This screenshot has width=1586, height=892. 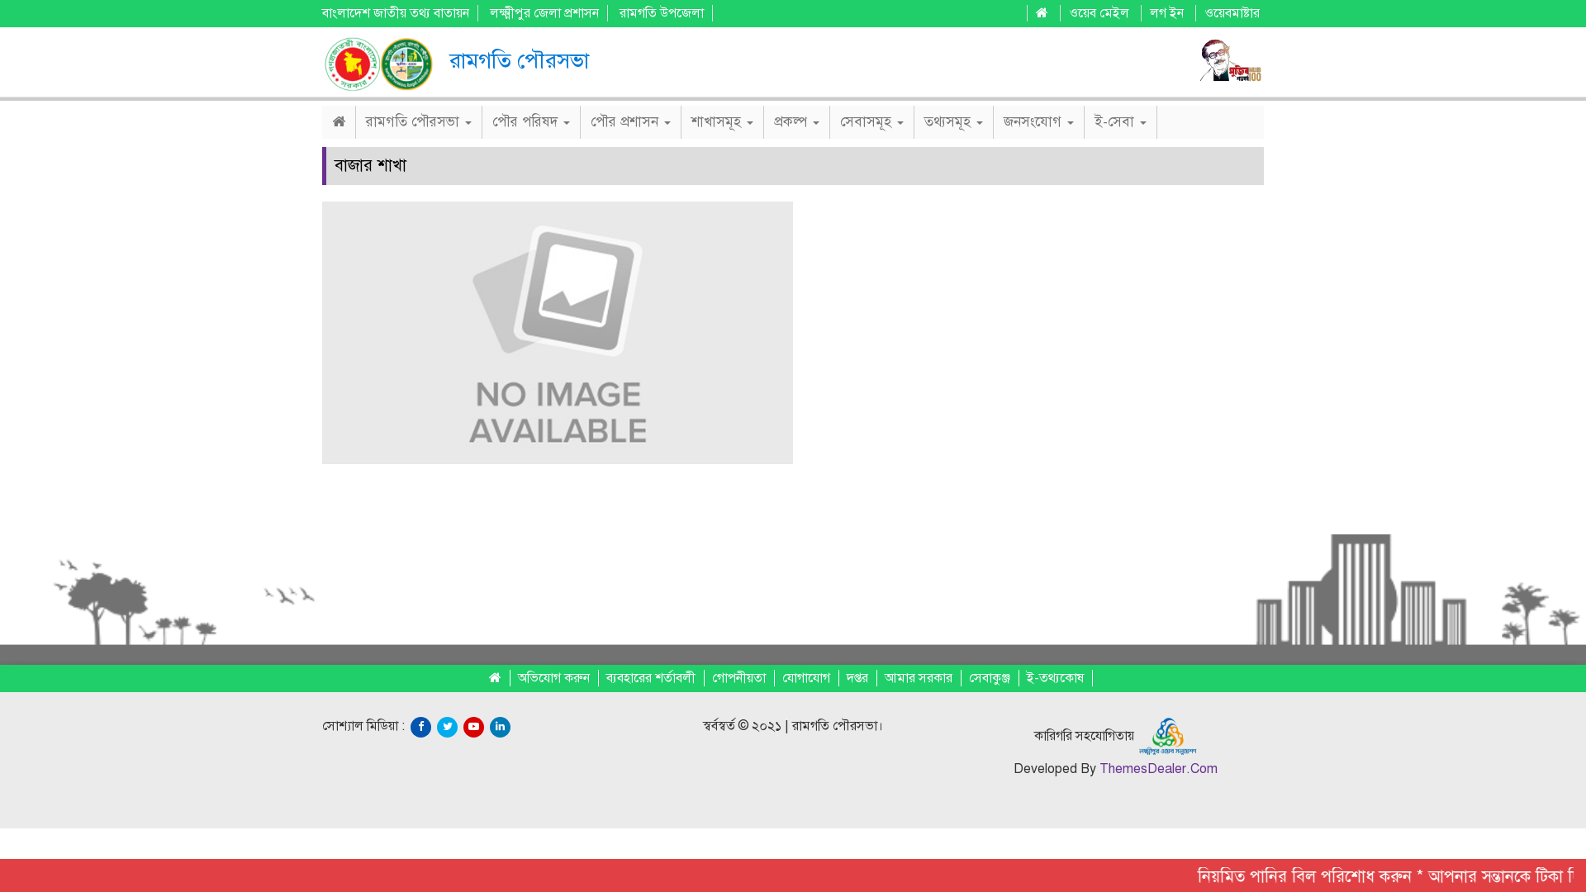 I want to click on 'ThemesDealer.Com', so click(x=1156, y=768).